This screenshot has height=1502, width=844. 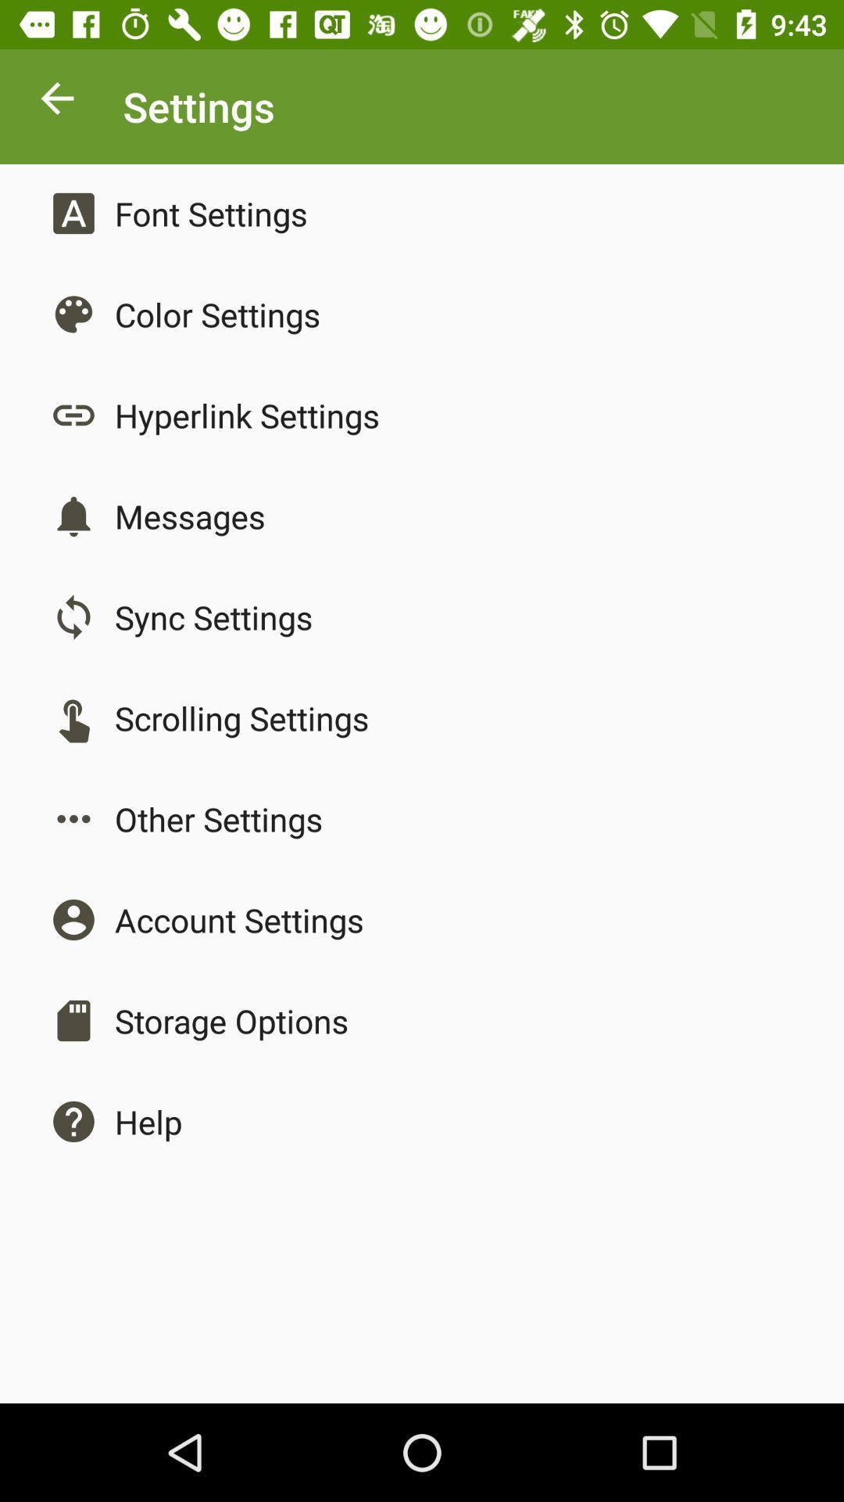 What do you see at coordinates (246, 415) in the screenshot?
I see `the app above messages item` at bounding box center [246, 415].